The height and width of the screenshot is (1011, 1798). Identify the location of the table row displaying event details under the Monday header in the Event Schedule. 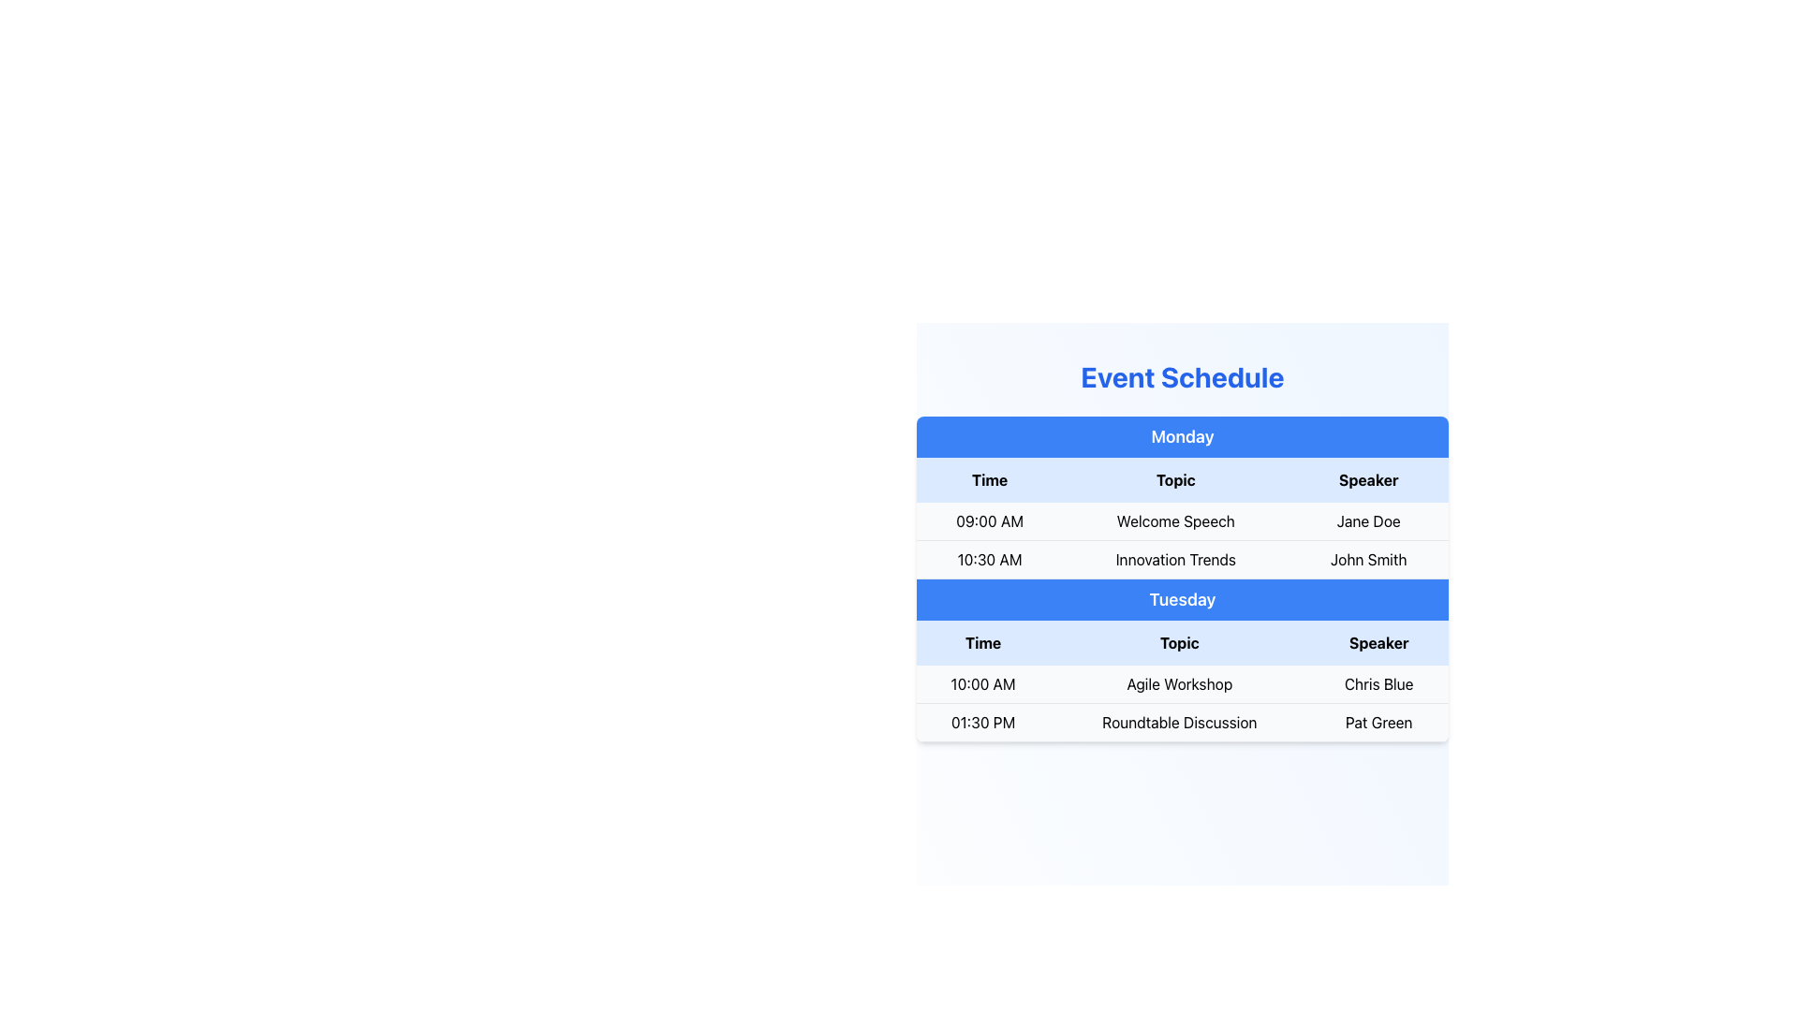
(1181, 520).